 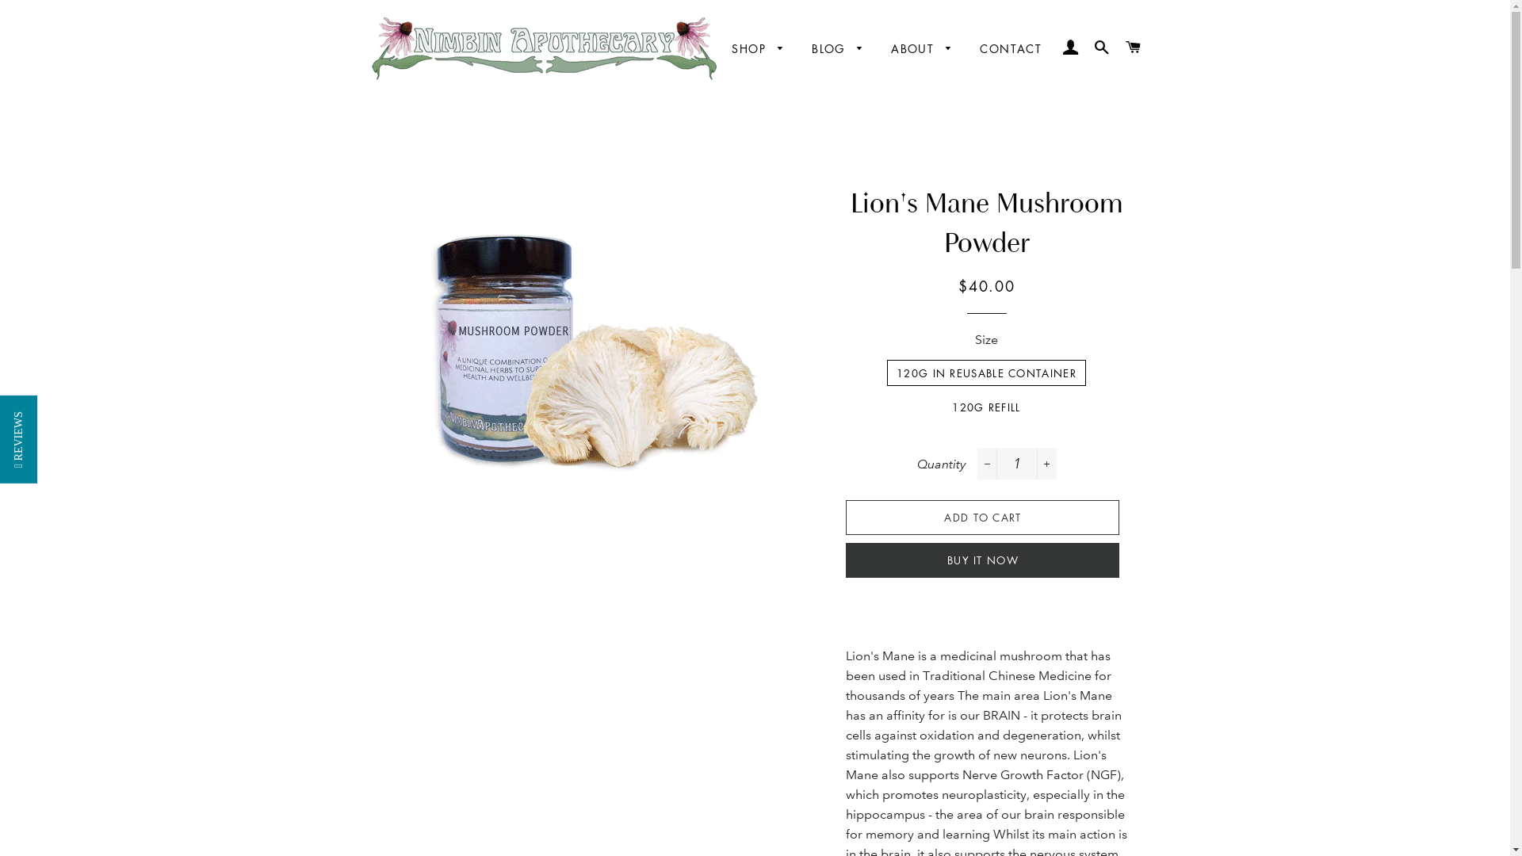 What do you see at coordinates (981, 517) in the screenshot?
I see `'ADD TO CART'` at bounding box center [981, 517].